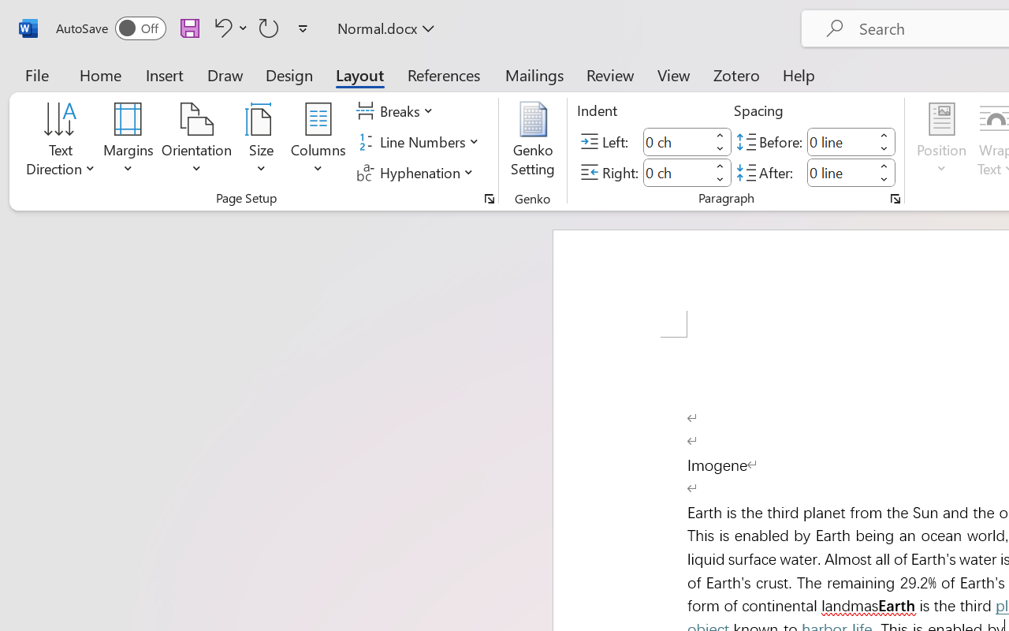 Image resolution: width=1009 pixels, height=631 pixels. Describe the element at coordinates (128, 141) in the screenshot. I see `'Margins'` at that location.